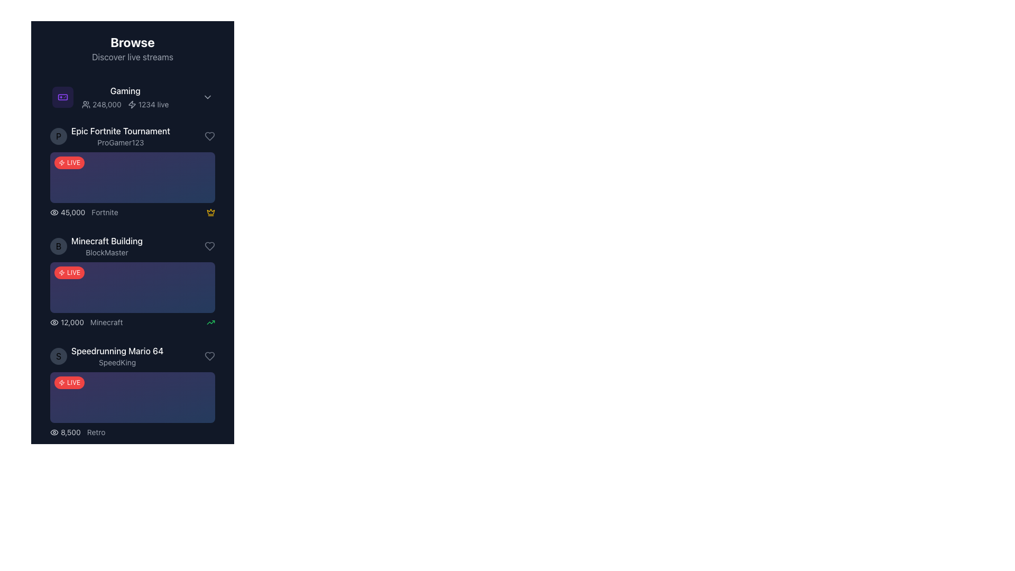 The height and width of the screenshot is (571, 1015). Describe the element at coordinates (86, 104) in the screenshot. I see `the compact icon representing a group of three human-like figures located to the left of the text '248,000'` at that location.